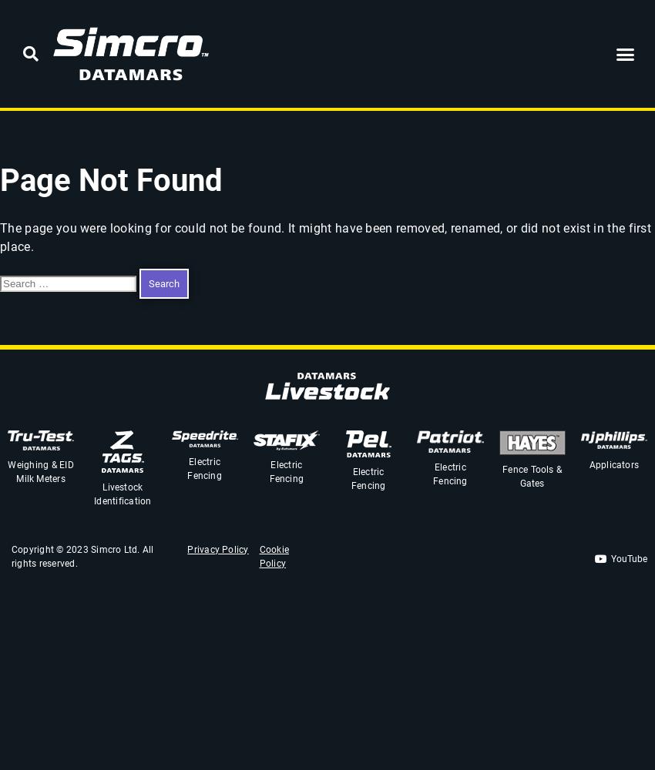 Image resolution: width=655 pixels, height=770 pixels. Describe the element at coordinates (531, 476) in the screenshot. I see `'Fence Tools & Gates'` at that location.